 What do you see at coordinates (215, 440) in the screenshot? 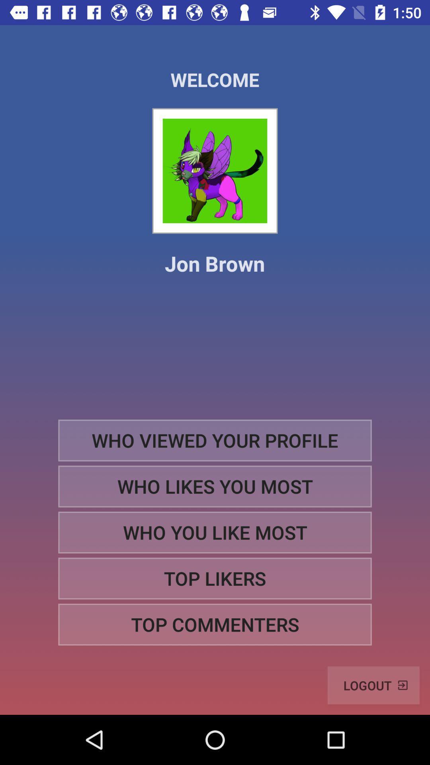
I see `who viewed your icon` at bounding box center [215, 440].